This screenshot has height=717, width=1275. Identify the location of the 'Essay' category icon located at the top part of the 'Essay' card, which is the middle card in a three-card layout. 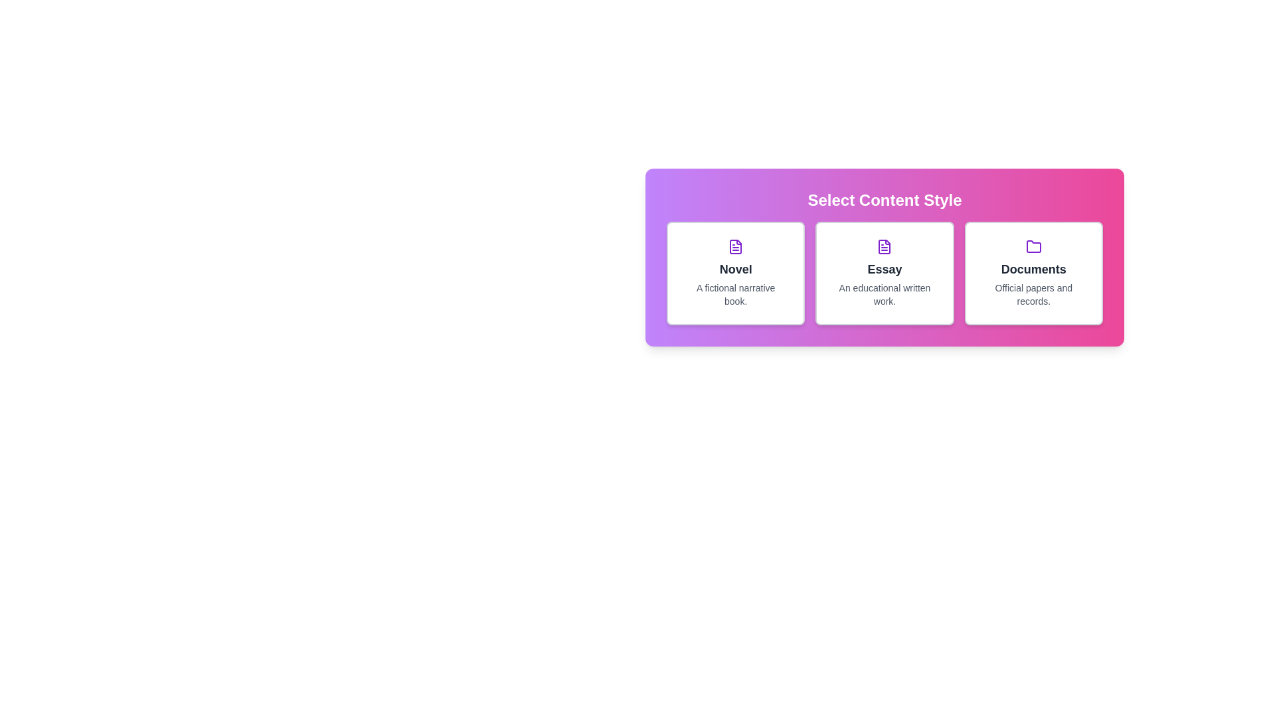
(885, 246).